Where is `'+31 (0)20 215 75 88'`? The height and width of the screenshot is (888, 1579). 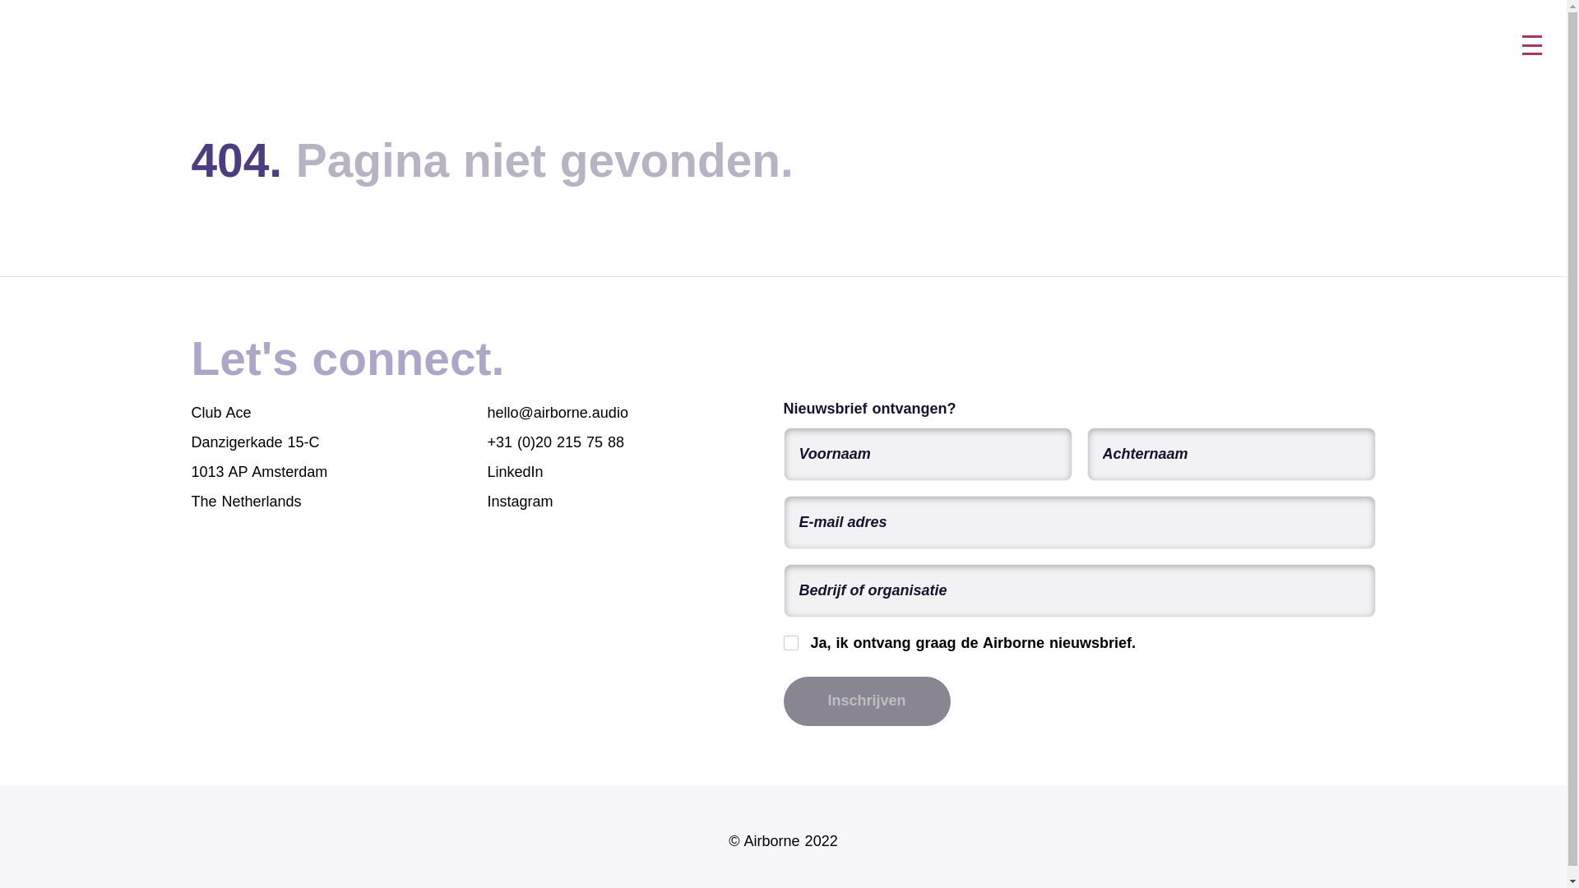
'+31 (0)20 215 75 88' is located at coordinates (555, 441).